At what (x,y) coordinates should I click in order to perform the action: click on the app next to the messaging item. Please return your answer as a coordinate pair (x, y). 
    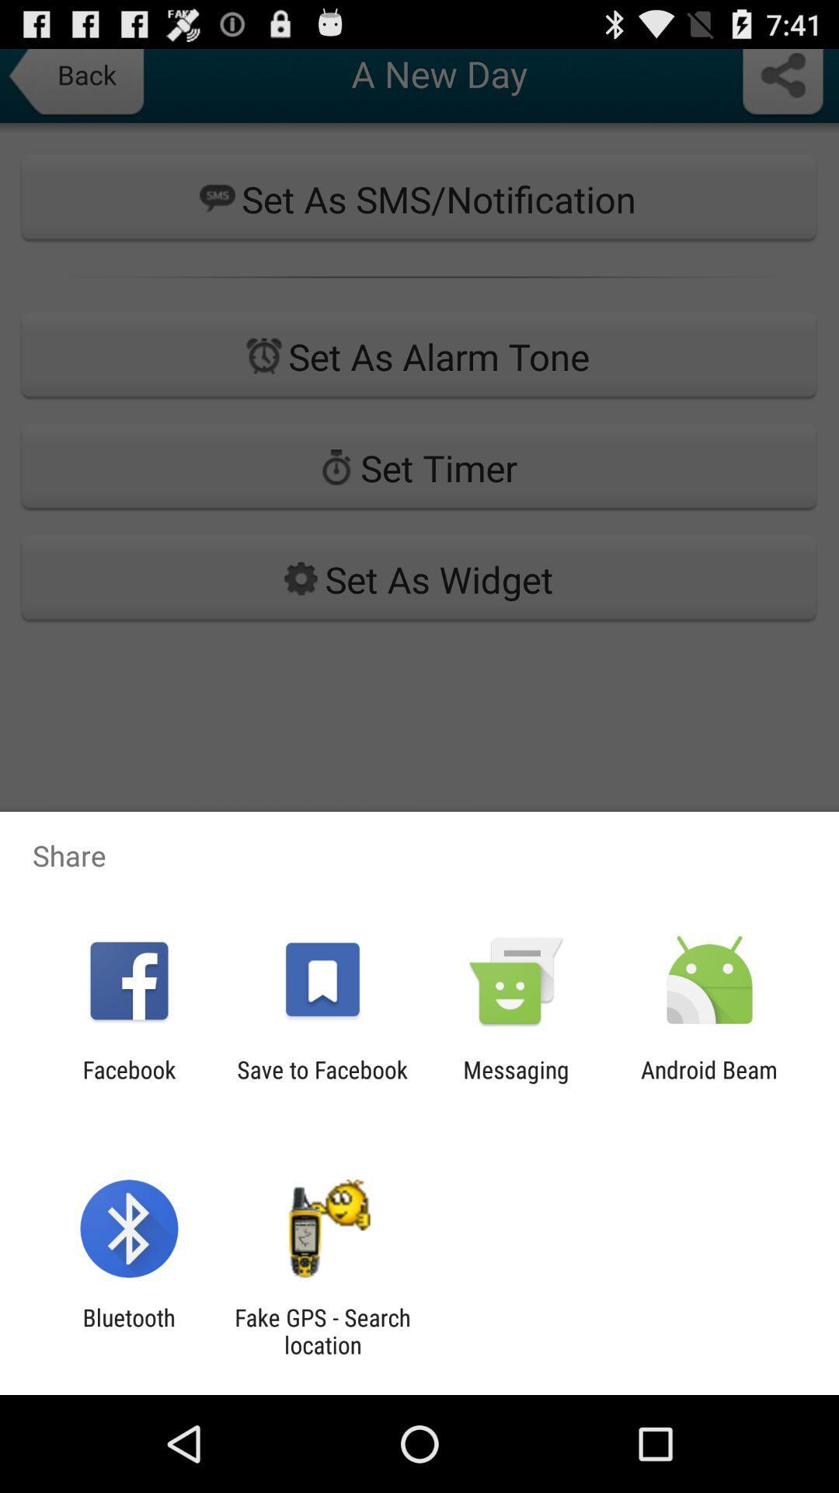
    Looking at the image, I should click on (322, 1082).